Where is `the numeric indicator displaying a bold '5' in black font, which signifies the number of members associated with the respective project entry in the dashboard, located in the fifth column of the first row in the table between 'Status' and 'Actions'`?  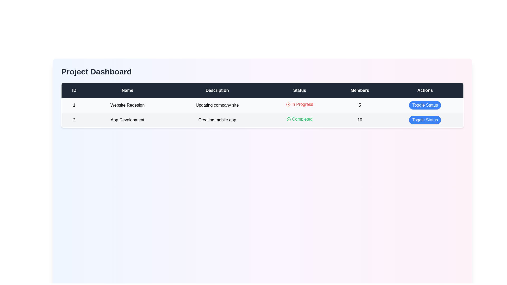 the numeric indicator displaying a bold '5' in black font, which signifies the number of members associated with the respective project entry in the dashboard, located in the fifth column of the first row in the table between 'Status' and 'Actions' is located at coordinates (359, 105).